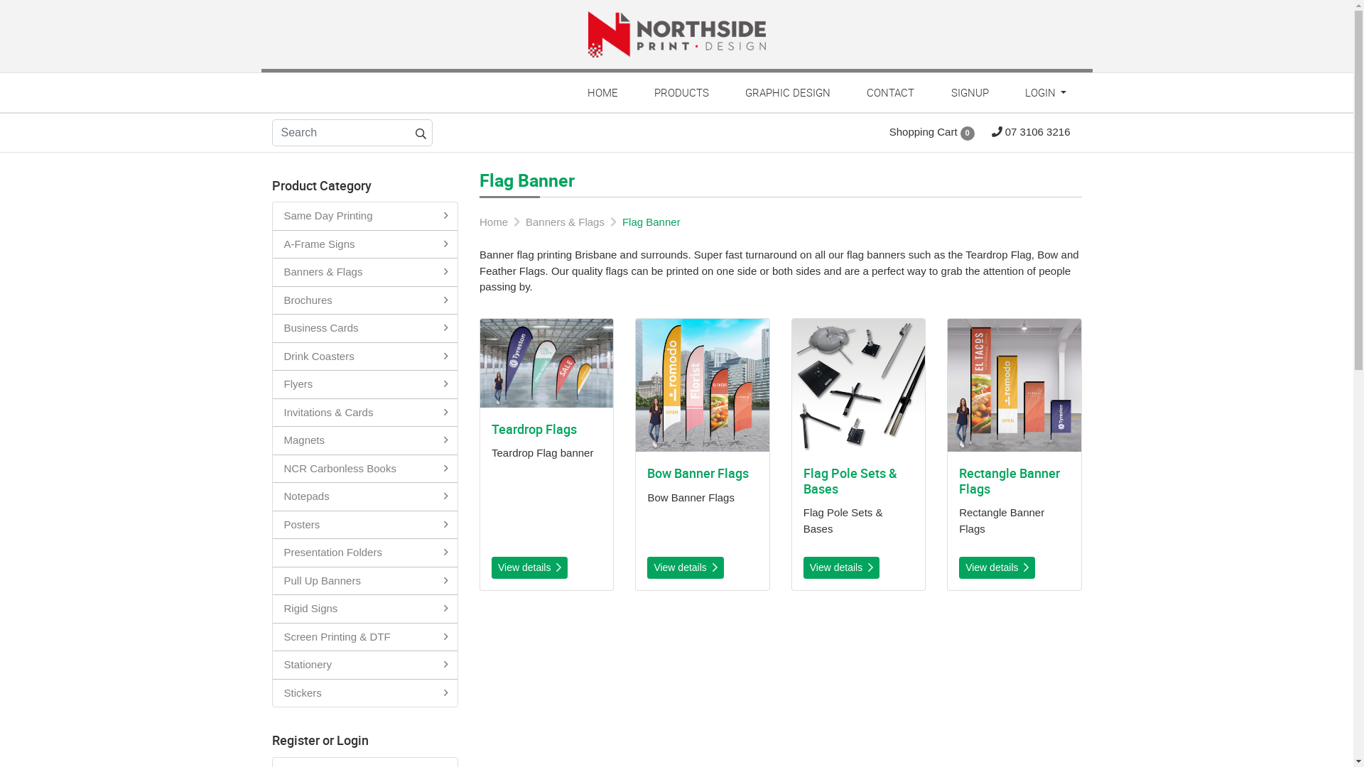 The height and width of the screenshot is (767, 1364). Describe the element at coordinates (365, 216) in the screenshot. I see `'Same Day Printing'` at that location.